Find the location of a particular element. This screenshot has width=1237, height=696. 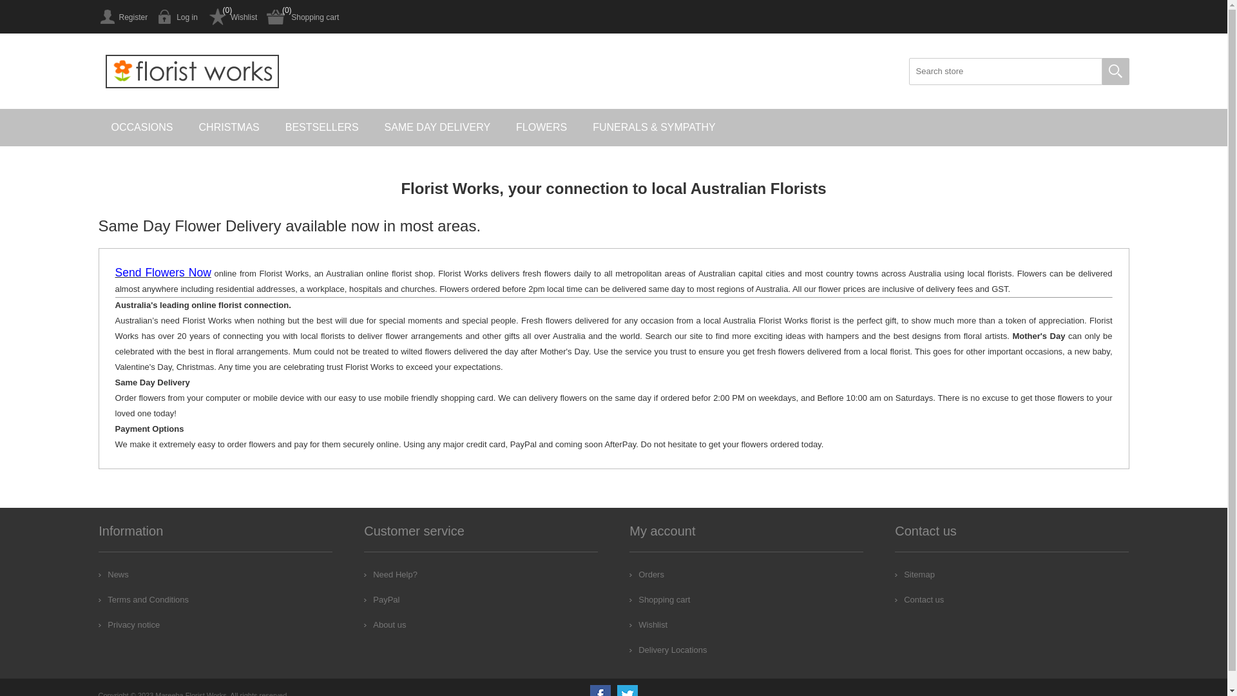

'Privacy notice' is located at coordinates (98, 624).